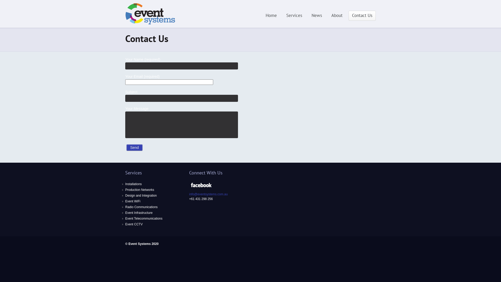 Image resolution: width=501 pixels, height=282 pixels. What do you see at coordinates (125, 213) in the screenshot?
I see `'Event Infrastructure'` at bounding box center [125, 213].